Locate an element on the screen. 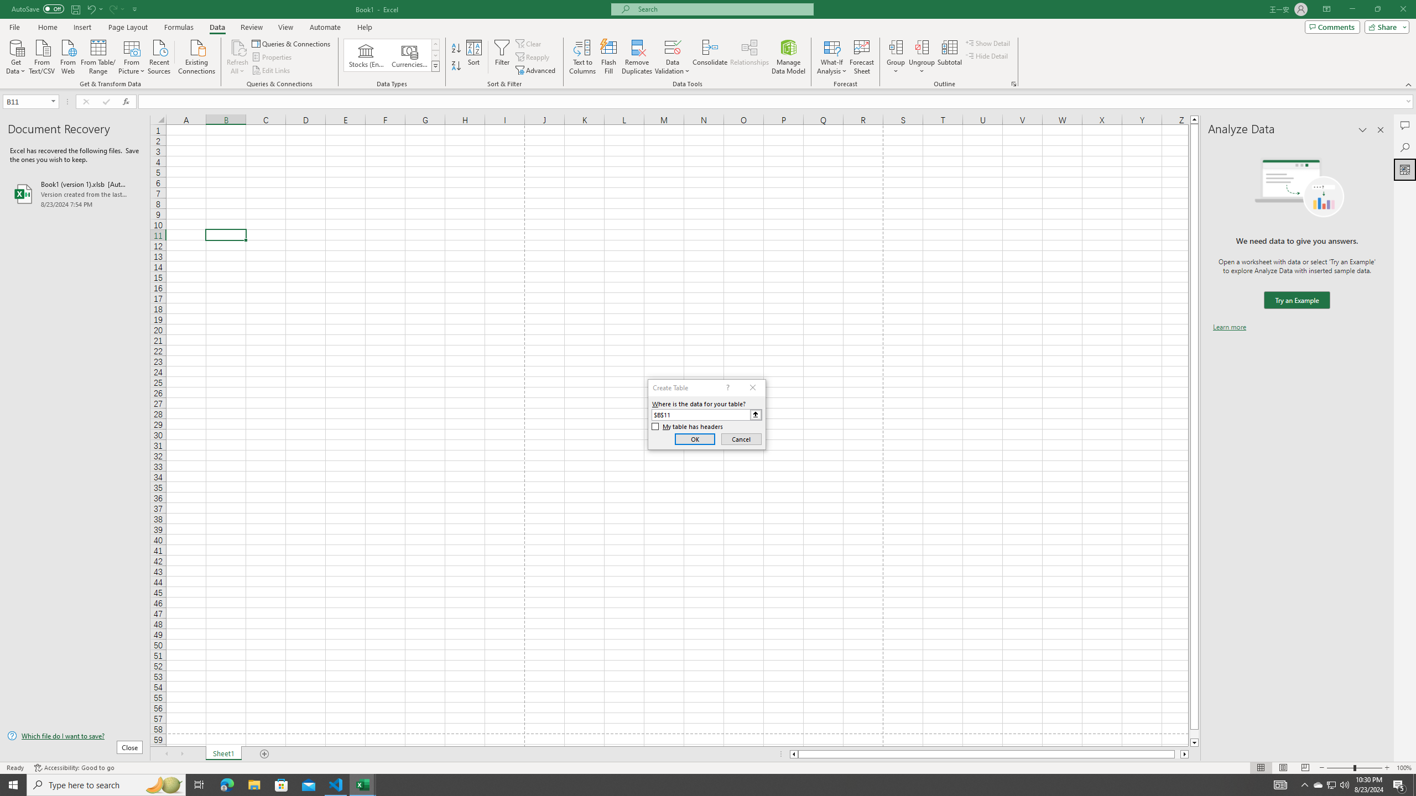 Image resolution: width=1416 pixels, height=796 pixels. 'Existing Connections' is located at coordinates (196, 55).